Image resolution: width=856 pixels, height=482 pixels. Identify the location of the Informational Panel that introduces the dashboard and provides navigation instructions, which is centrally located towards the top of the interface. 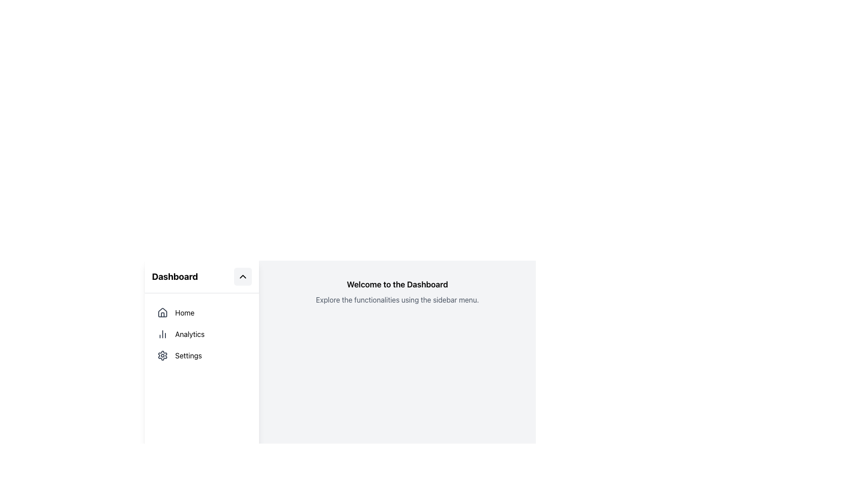
(340, 346).